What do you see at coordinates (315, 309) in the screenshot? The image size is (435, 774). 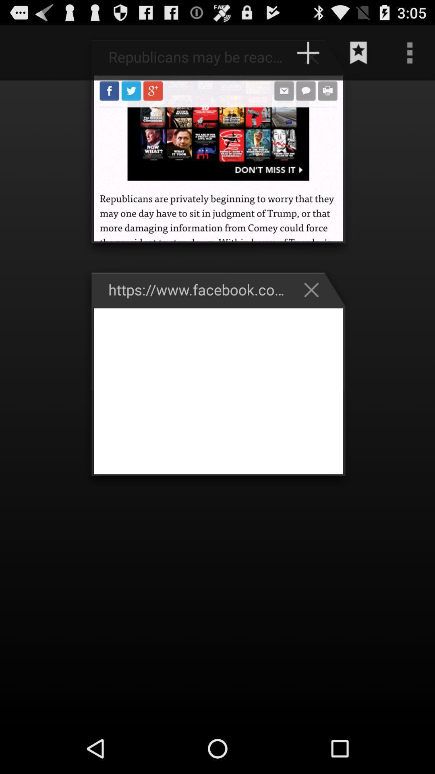 I see `the close icon` at bounding box center [315, 309].